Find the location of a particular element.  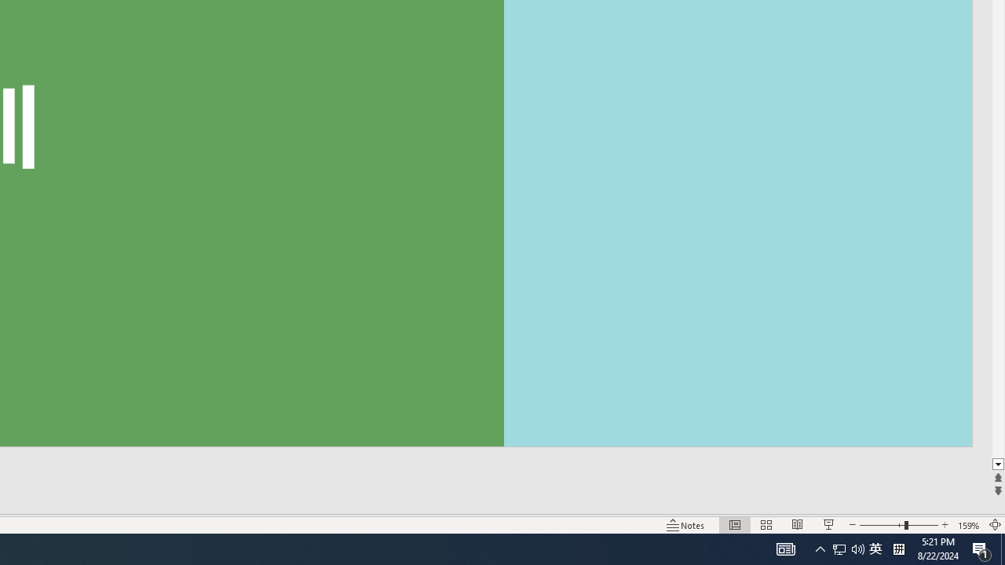

'Q2790: 100%' is located at coordinates (857, 548).